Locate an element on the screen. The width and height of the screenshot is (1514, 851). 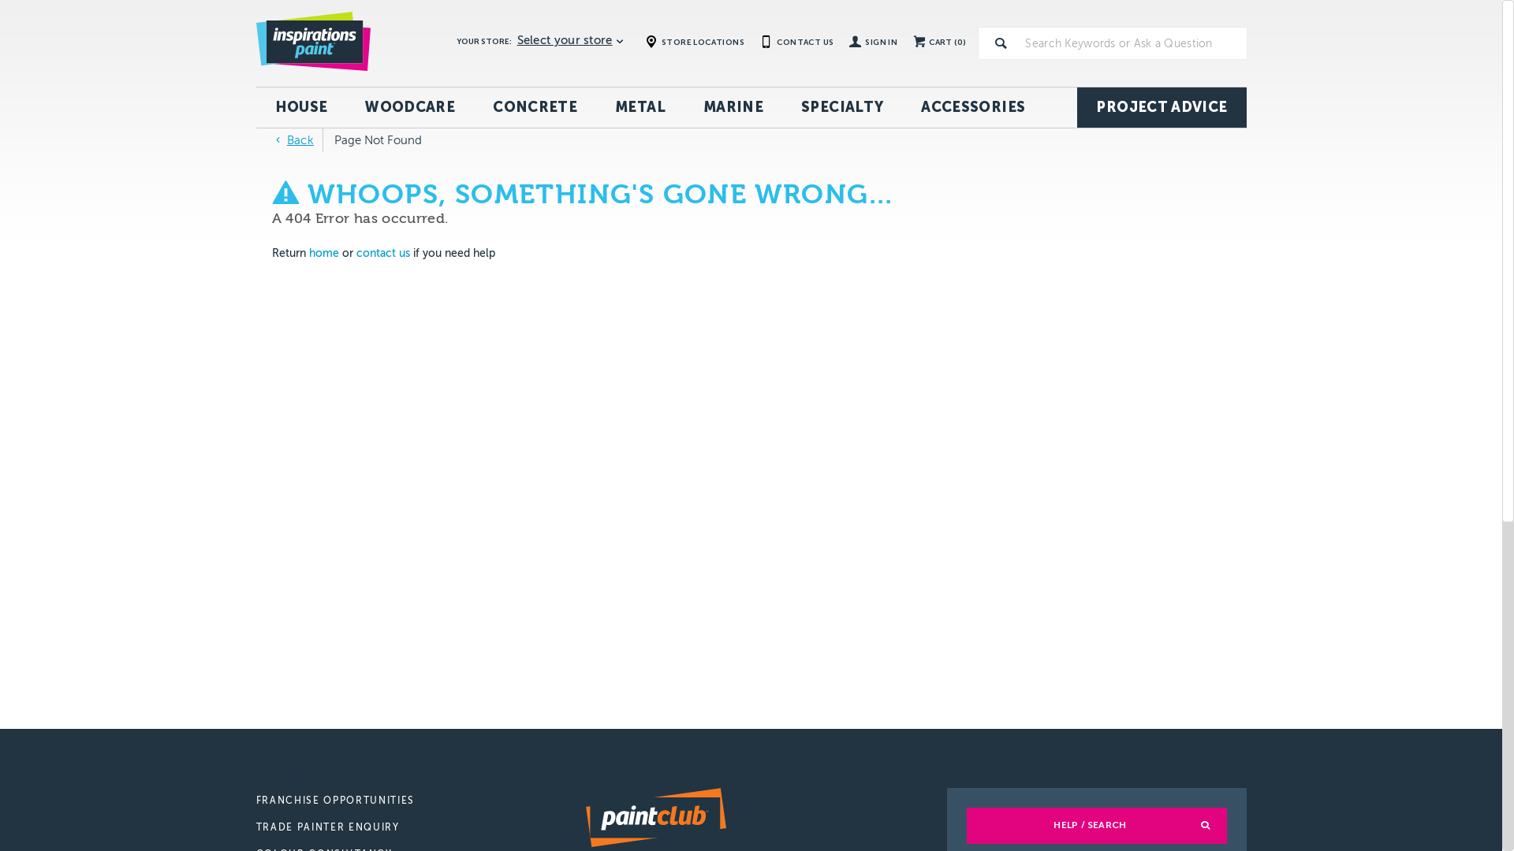
'HOUSE' is located at coordinates (300, 106).